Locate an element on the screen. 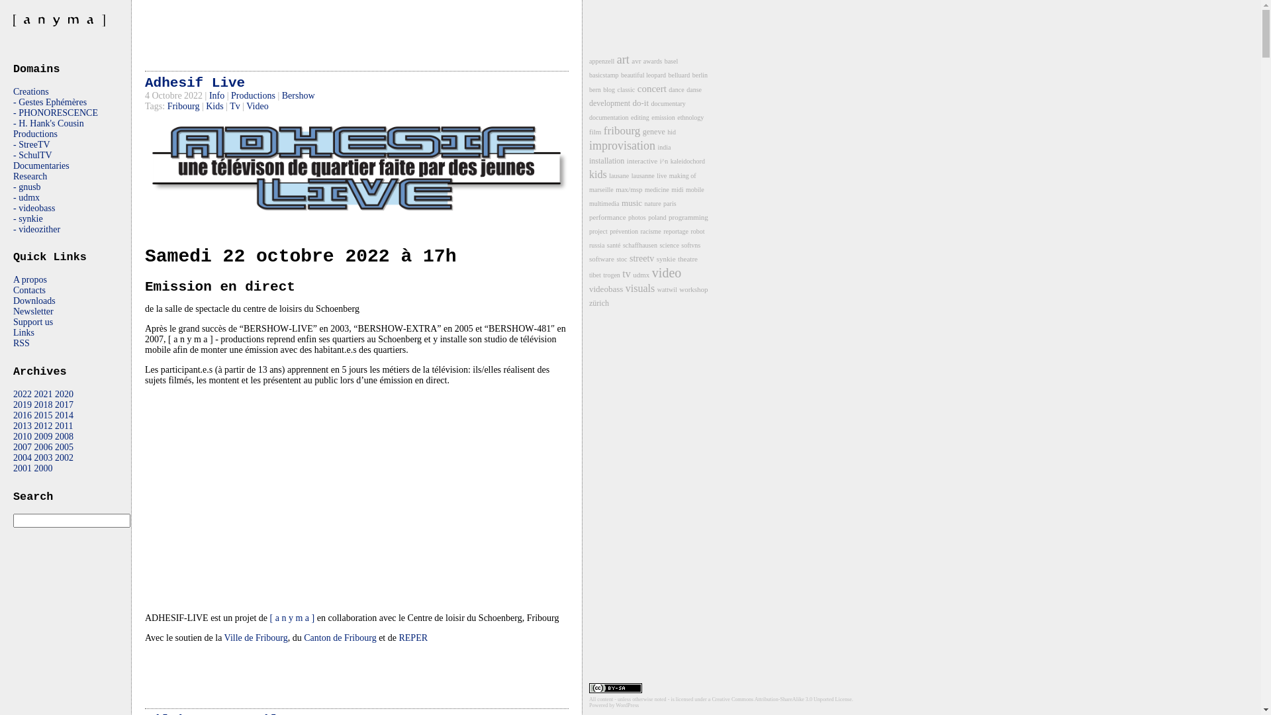 This screenshot has width=1271, height=715. 'lausanne' is located at coordinates (631, 175).